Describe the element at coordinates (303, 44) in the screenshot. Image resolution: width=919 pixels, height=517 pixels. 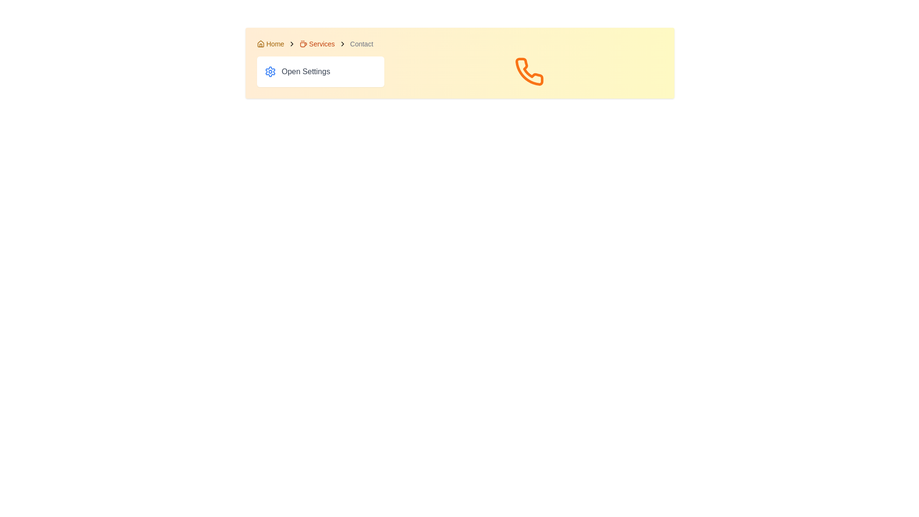
I see `the coffee cup icon located in the breadcrumb navigation bar, which is styled in burnt orange and appears to the left of the 'Services' text` at that location.